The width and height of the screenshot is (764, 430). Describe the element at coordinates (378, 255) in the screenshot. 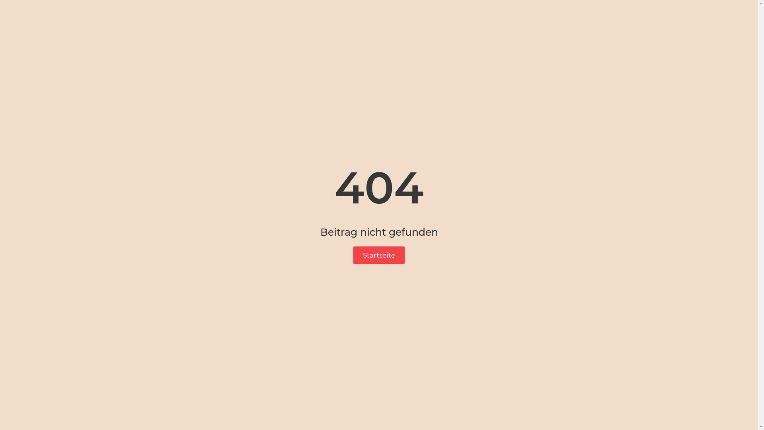

I see `'Startseite'` at that location.